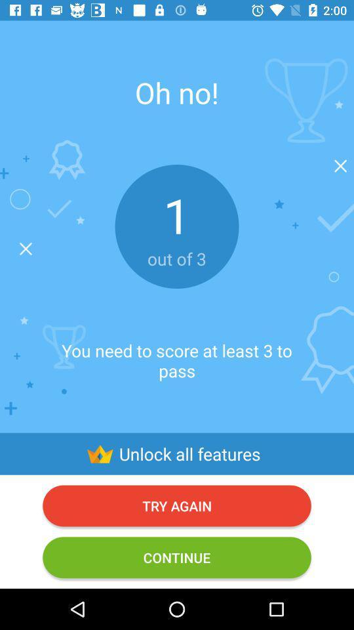 Image resolution: width=354 pixels, height=630 pixels. What do you see at coordinates (177, 556) in the screenshot?
I see `continue` at bounding box center [177, 556].